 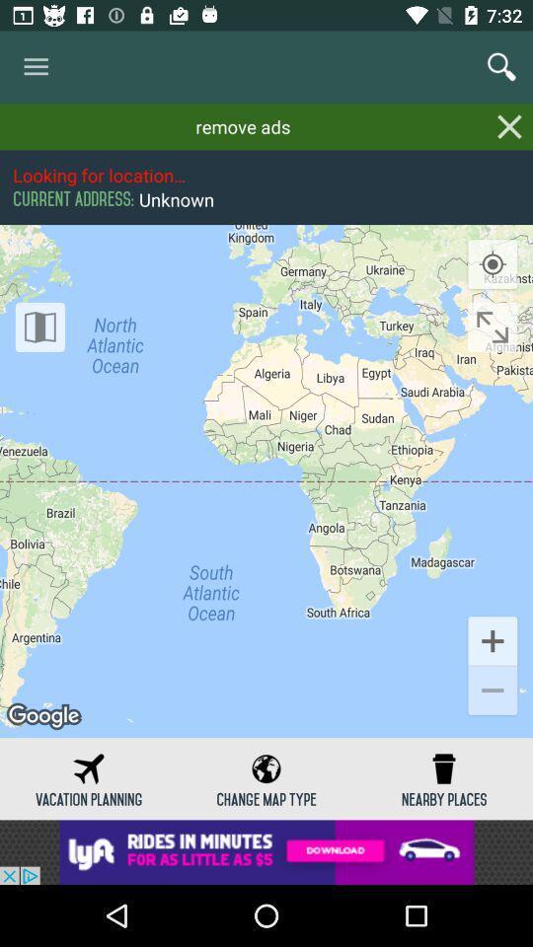 I want to click on the add icon, so click(x=492, y=639).